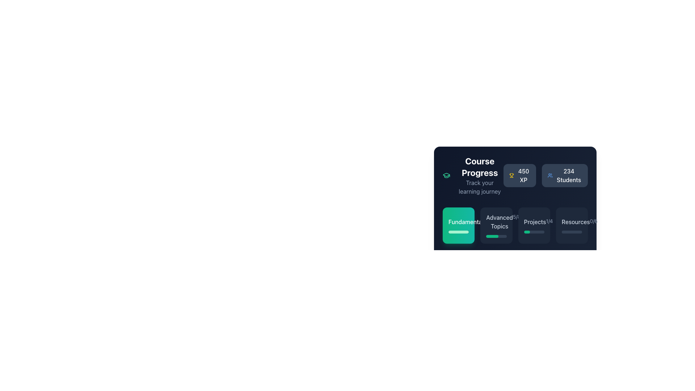 The height and width of the screenshot is (391, 695). What do you see at coordinates (446, 176) in the screenshot?
I see `the 'Course Progress' icon, which visually indicates the user's educational progress and is positioned to the left of the text 'Course Progress'` at bounding box center [446, 176].